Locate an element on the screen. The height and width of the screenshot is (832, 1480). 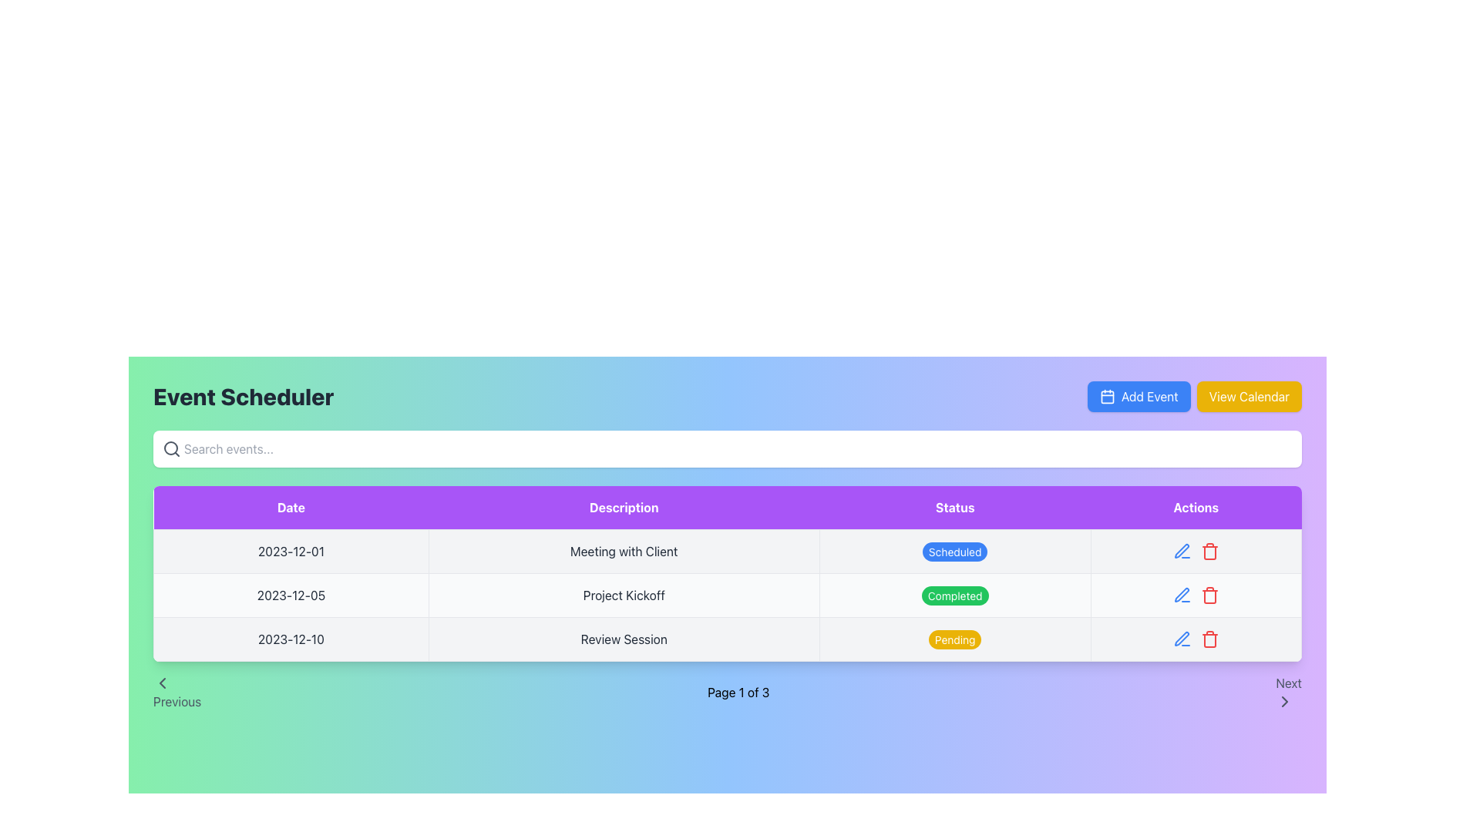
the pen-shaped icon in the 'Actions' column of the last row labeled 'Pending' to initiate the edit action is located at coordinates (1181, 639).